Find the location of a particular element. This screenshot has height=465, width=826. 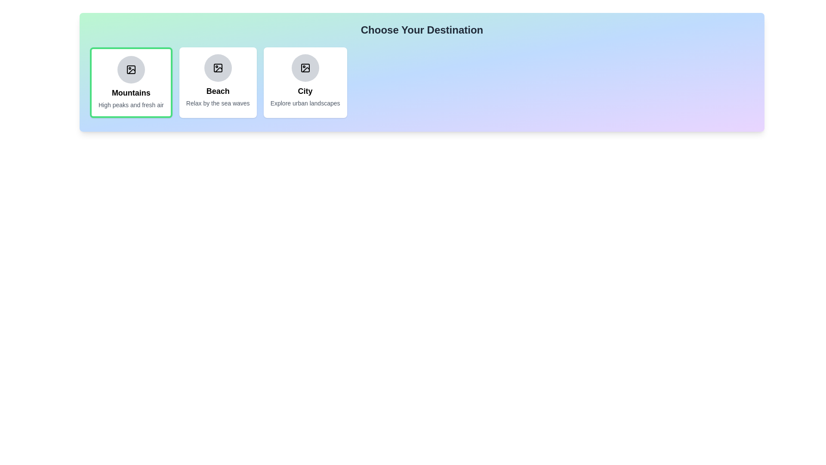

the chip labeled 'Beach' to observe its hover effect is located at coordinates (218, 83).